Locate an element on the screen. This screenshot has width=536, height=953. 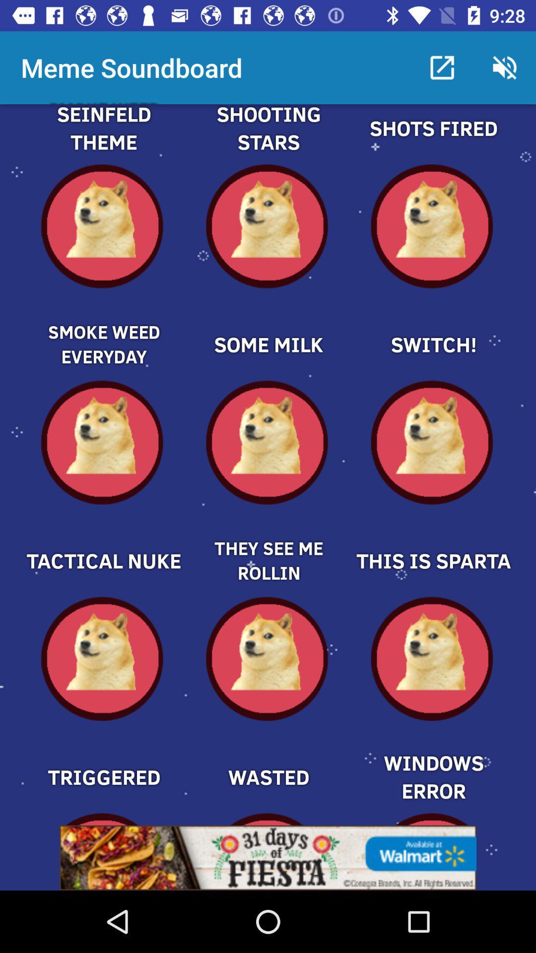
meme soundboard selection is located at coordinates (103, 328).